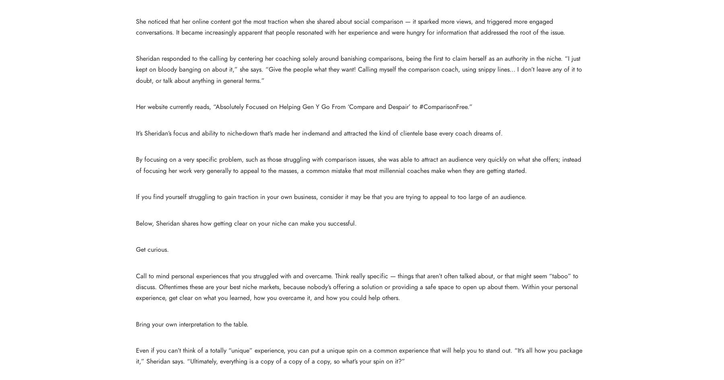  What do you see at coordinates (358, 165) in the screenshot?
I see `'By focusing on a very specific problem, such as those struggling with comparison issues, she was able to attract an audience very quickly on what she offers; instead of focusing her work very generally to appeal to the masses, a common mistake that most millennial coaches make when they are getting started.'` at bounding box center [358, 165].